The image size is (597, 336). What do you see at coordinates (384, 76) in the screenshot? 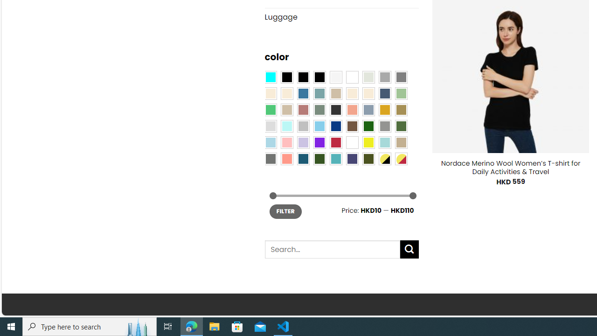
I see `'Dark Gray'` at bounding box center [384, 76].